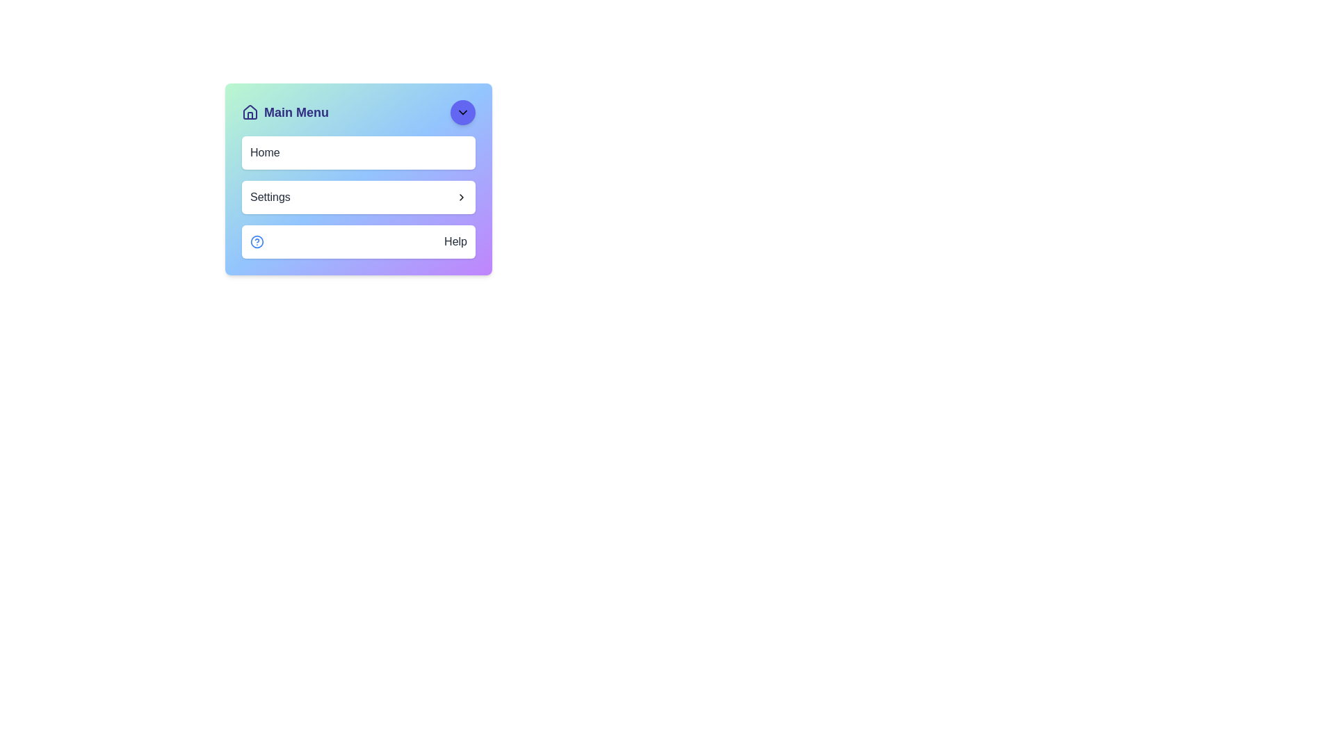 Image resolution: width=1335 pixels, height=751 pixels. I want to click on the 'Settings' text label, which is styled with a bold font and dark gray color, indicating it is part of an interactive menu, positioned above the 'Help' section, so click(270, 197).